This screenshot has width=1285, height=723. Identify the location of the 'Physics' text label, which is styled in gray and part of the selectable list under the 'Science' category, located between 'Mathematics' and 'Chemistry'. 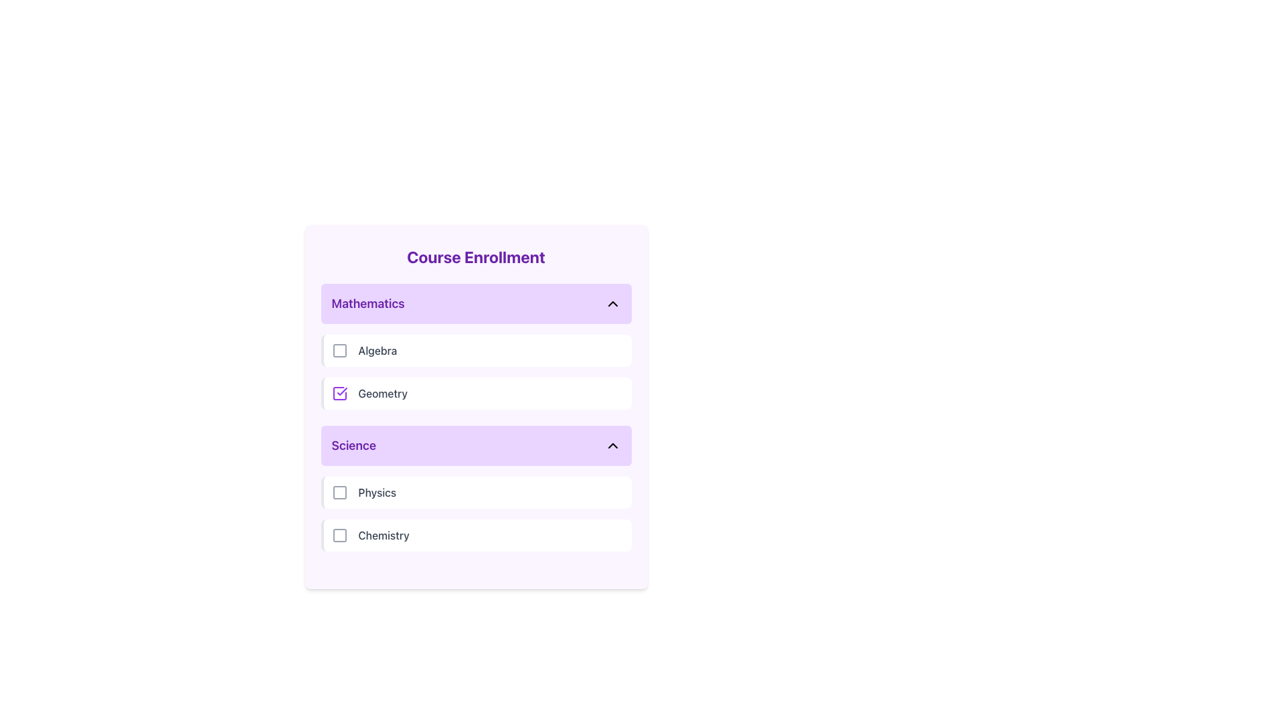
(376, 493).